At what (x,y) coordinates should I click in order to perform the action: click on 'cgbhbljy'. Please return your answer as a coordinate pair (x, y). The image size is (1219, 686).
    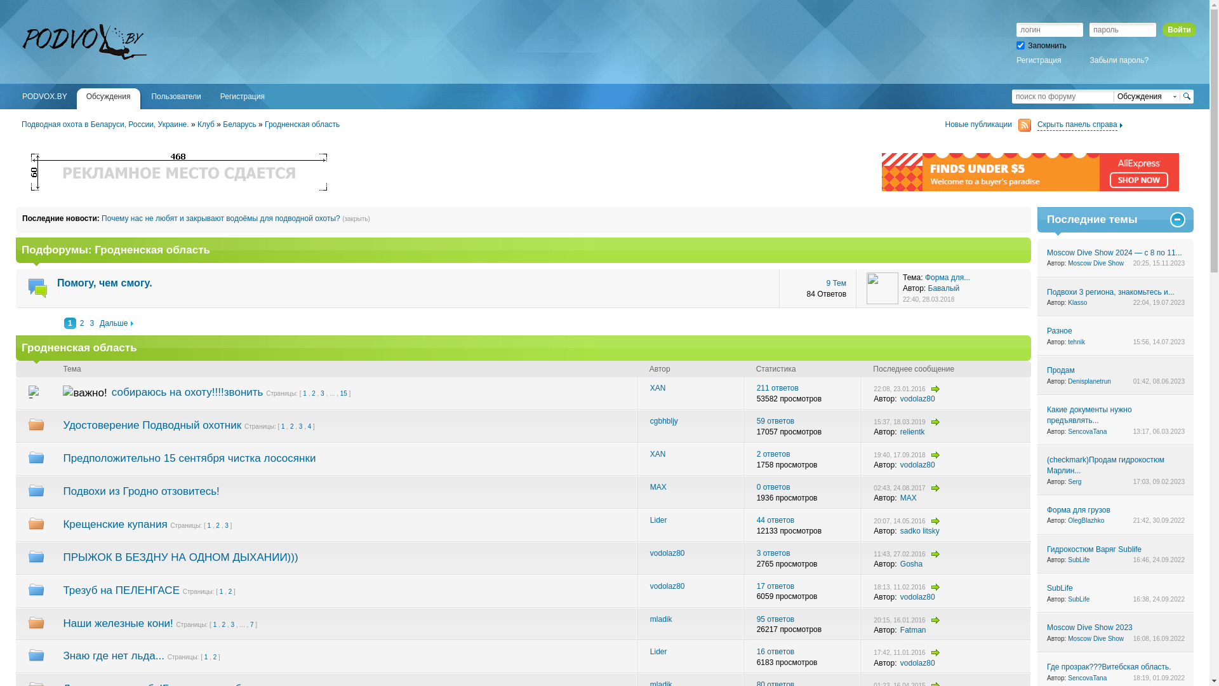
    Looking at the image, I should click on (649, 421).